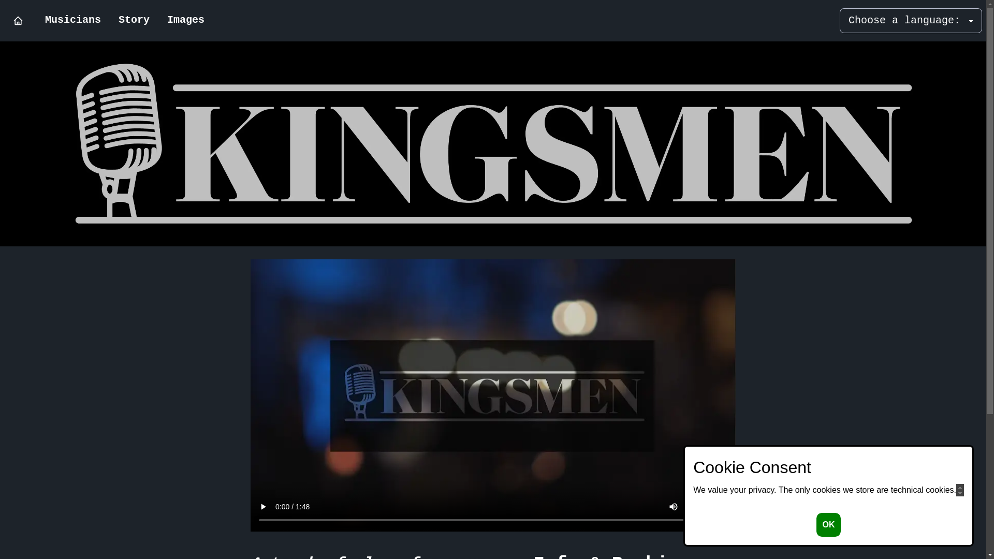  Describe the element at coordinates (827, 525) in the screenshot. I see `'OK'` at that location.